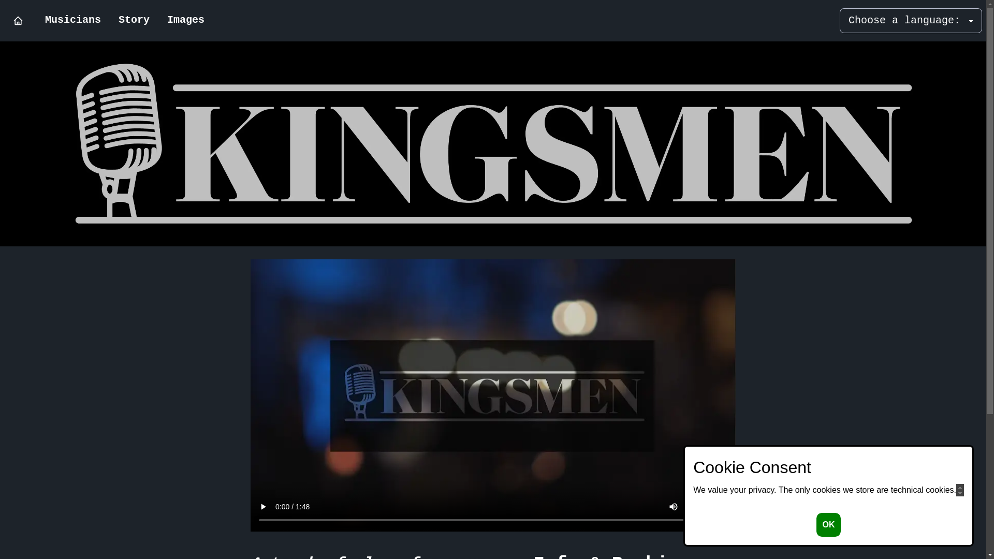  Describe the element at coordinates (827, 525) in the screenshot. I see `'OK'` at that location.